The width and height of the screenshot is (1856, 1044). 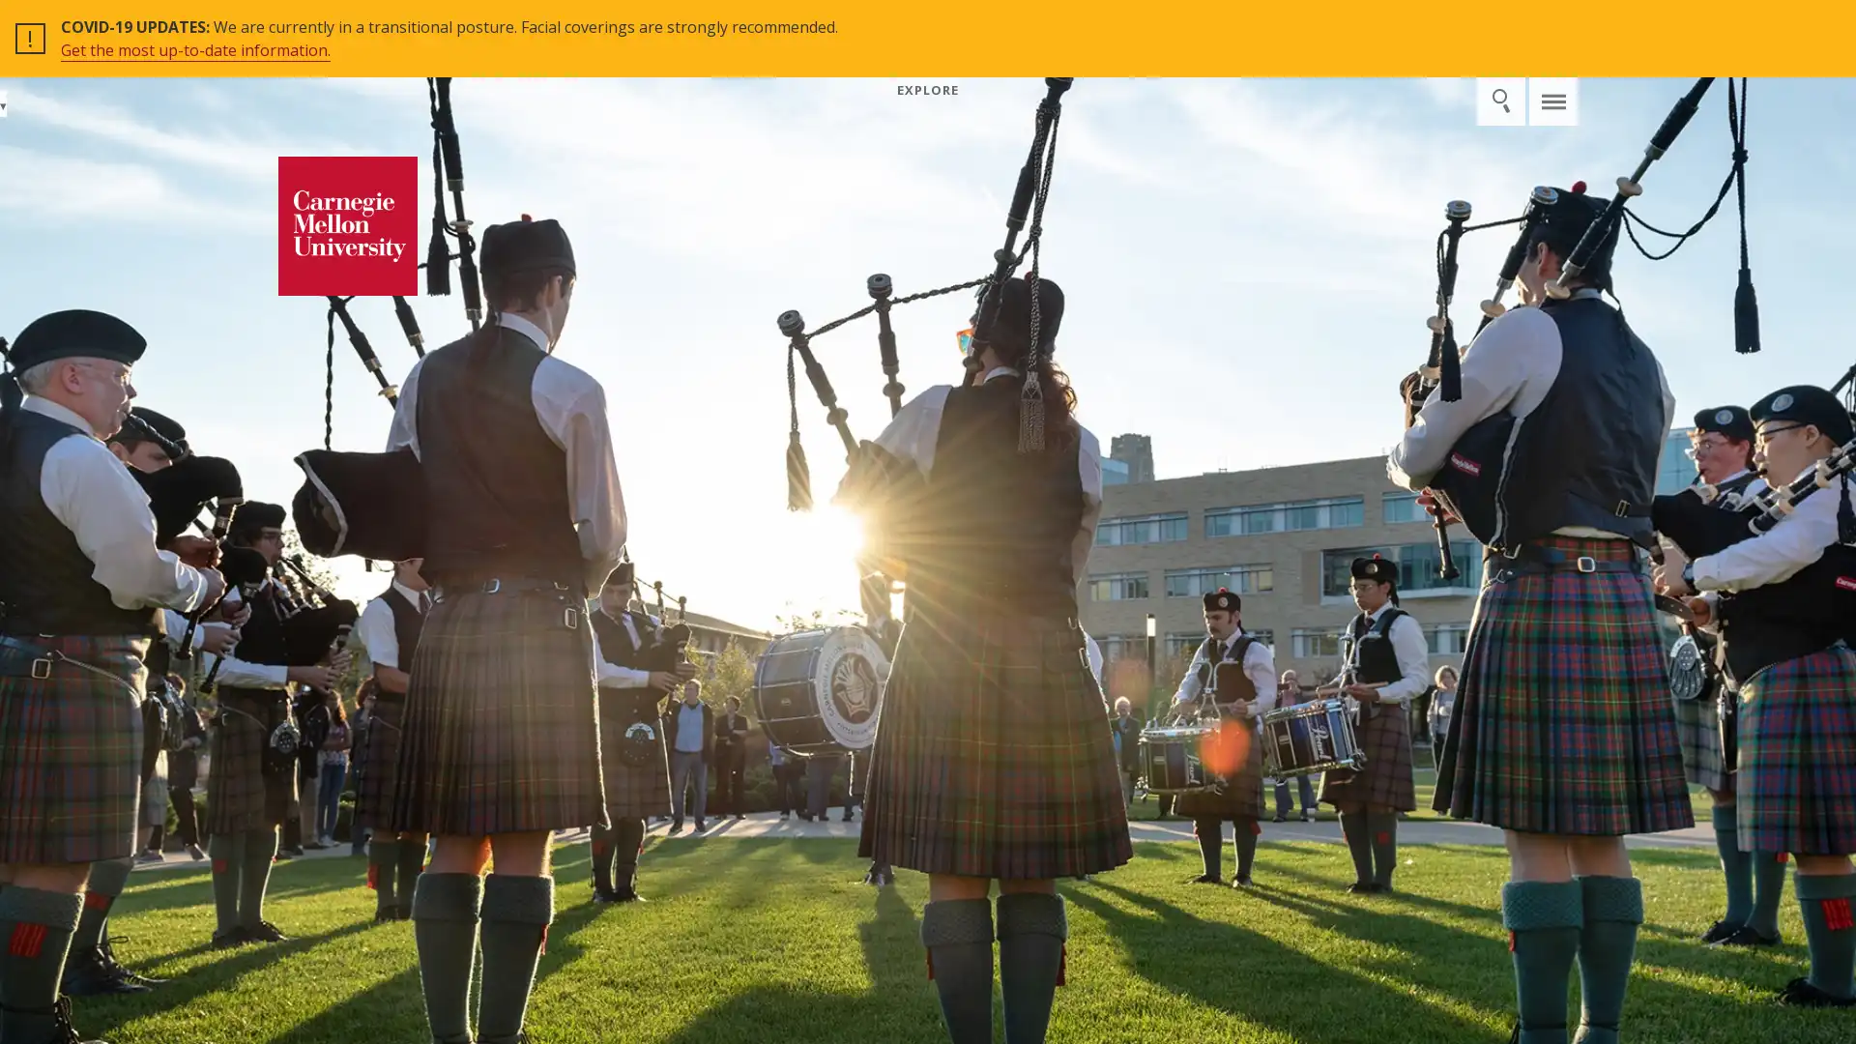 What do you see at coordinates (1507, 25) in the screenshot?
I see `Search` at bounding box center [1507, 25].